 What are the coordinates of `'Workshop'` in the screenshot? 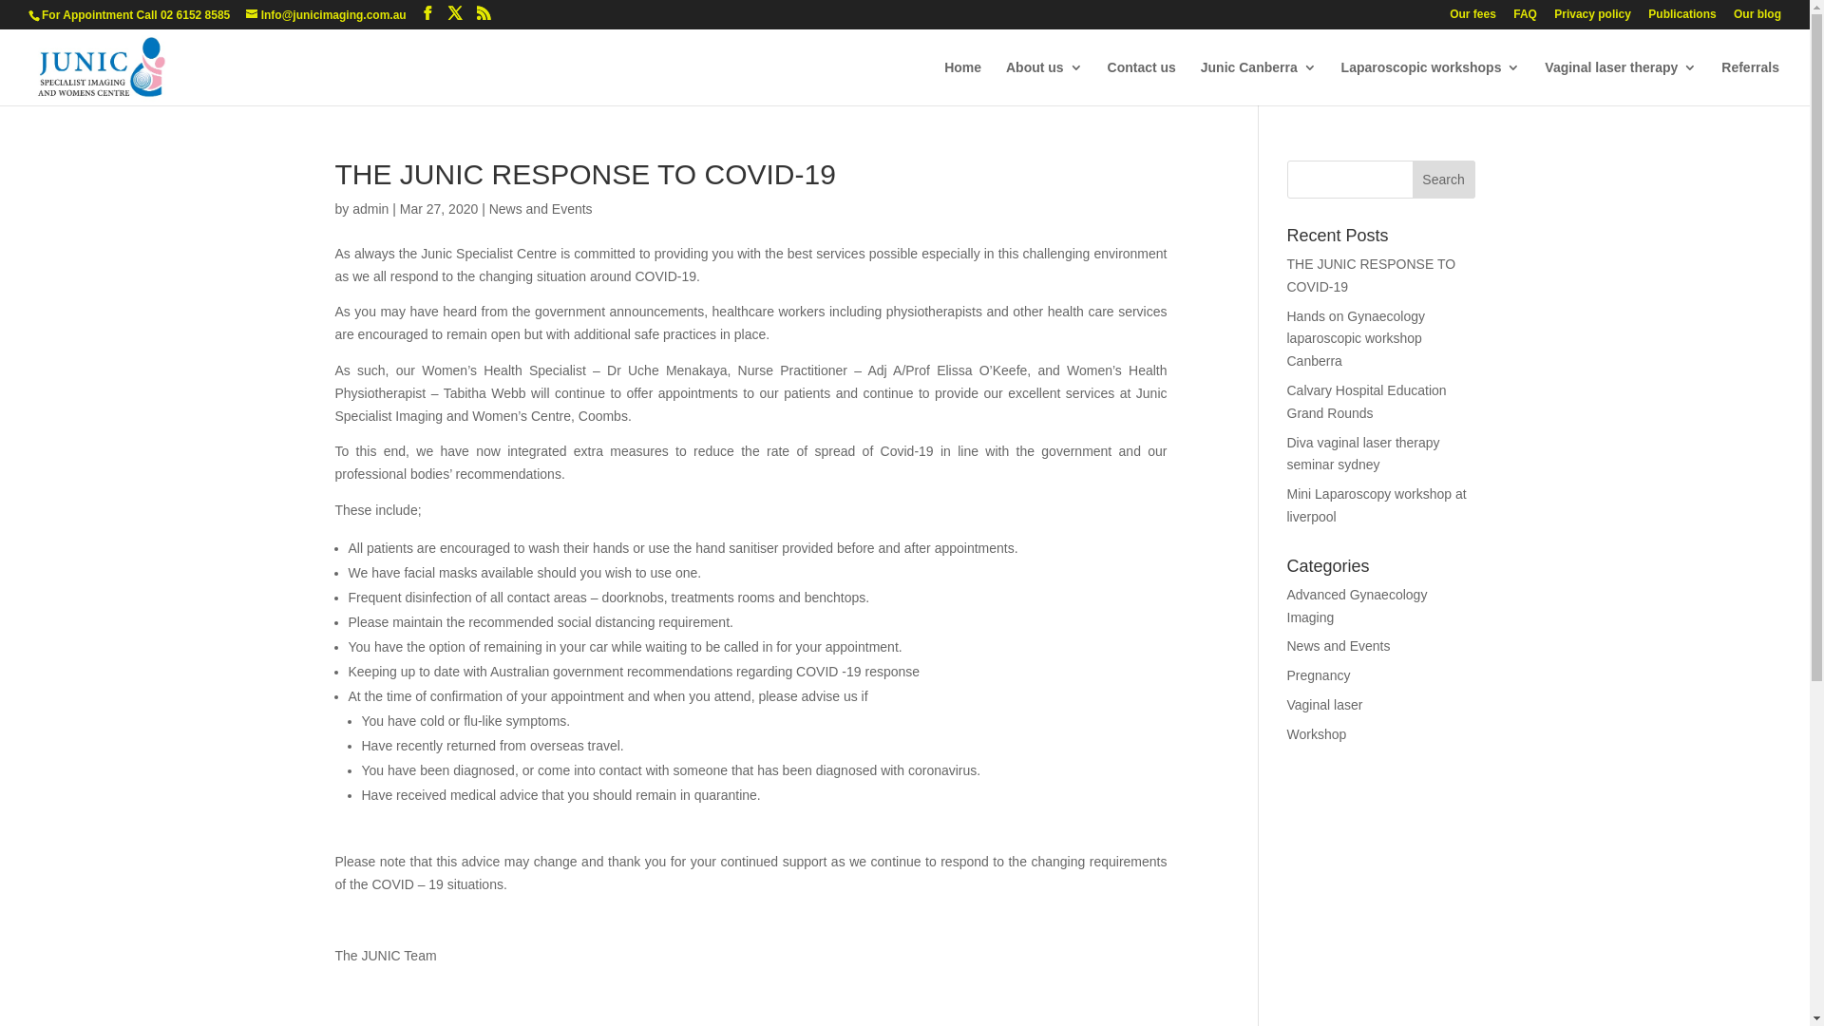 It's located at (1315, 732).